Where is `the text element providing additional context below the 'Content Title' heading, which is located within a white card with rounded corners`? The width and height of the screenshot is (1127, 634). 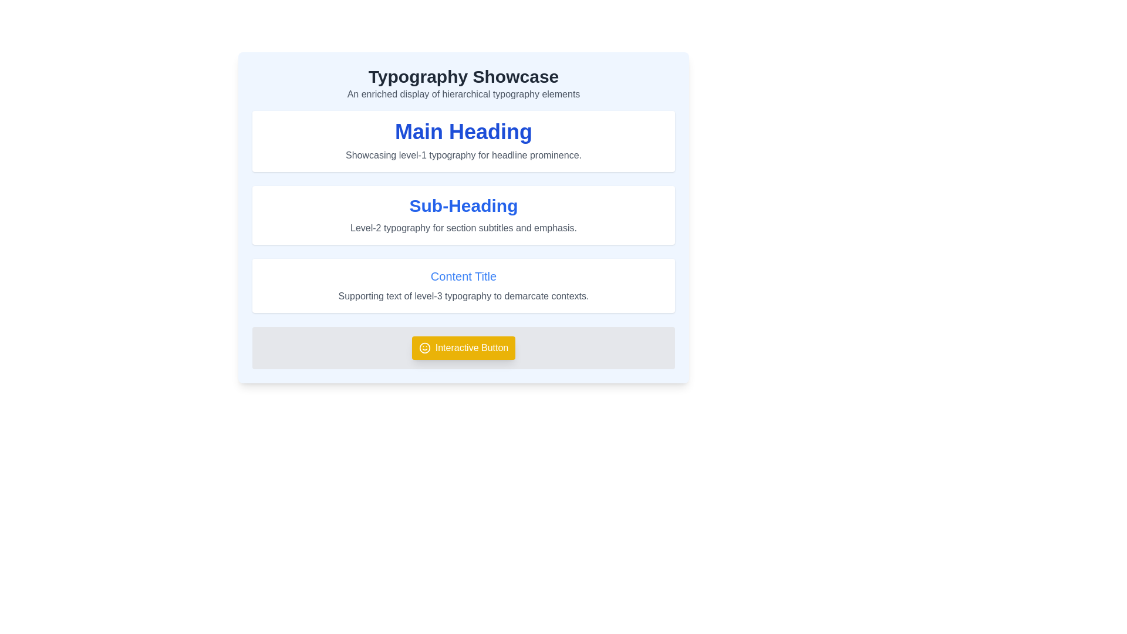 the text element providing additional context below the 'Content Title' heading, which is located within a white card with rounded corners is located at coordinates (463, 296).